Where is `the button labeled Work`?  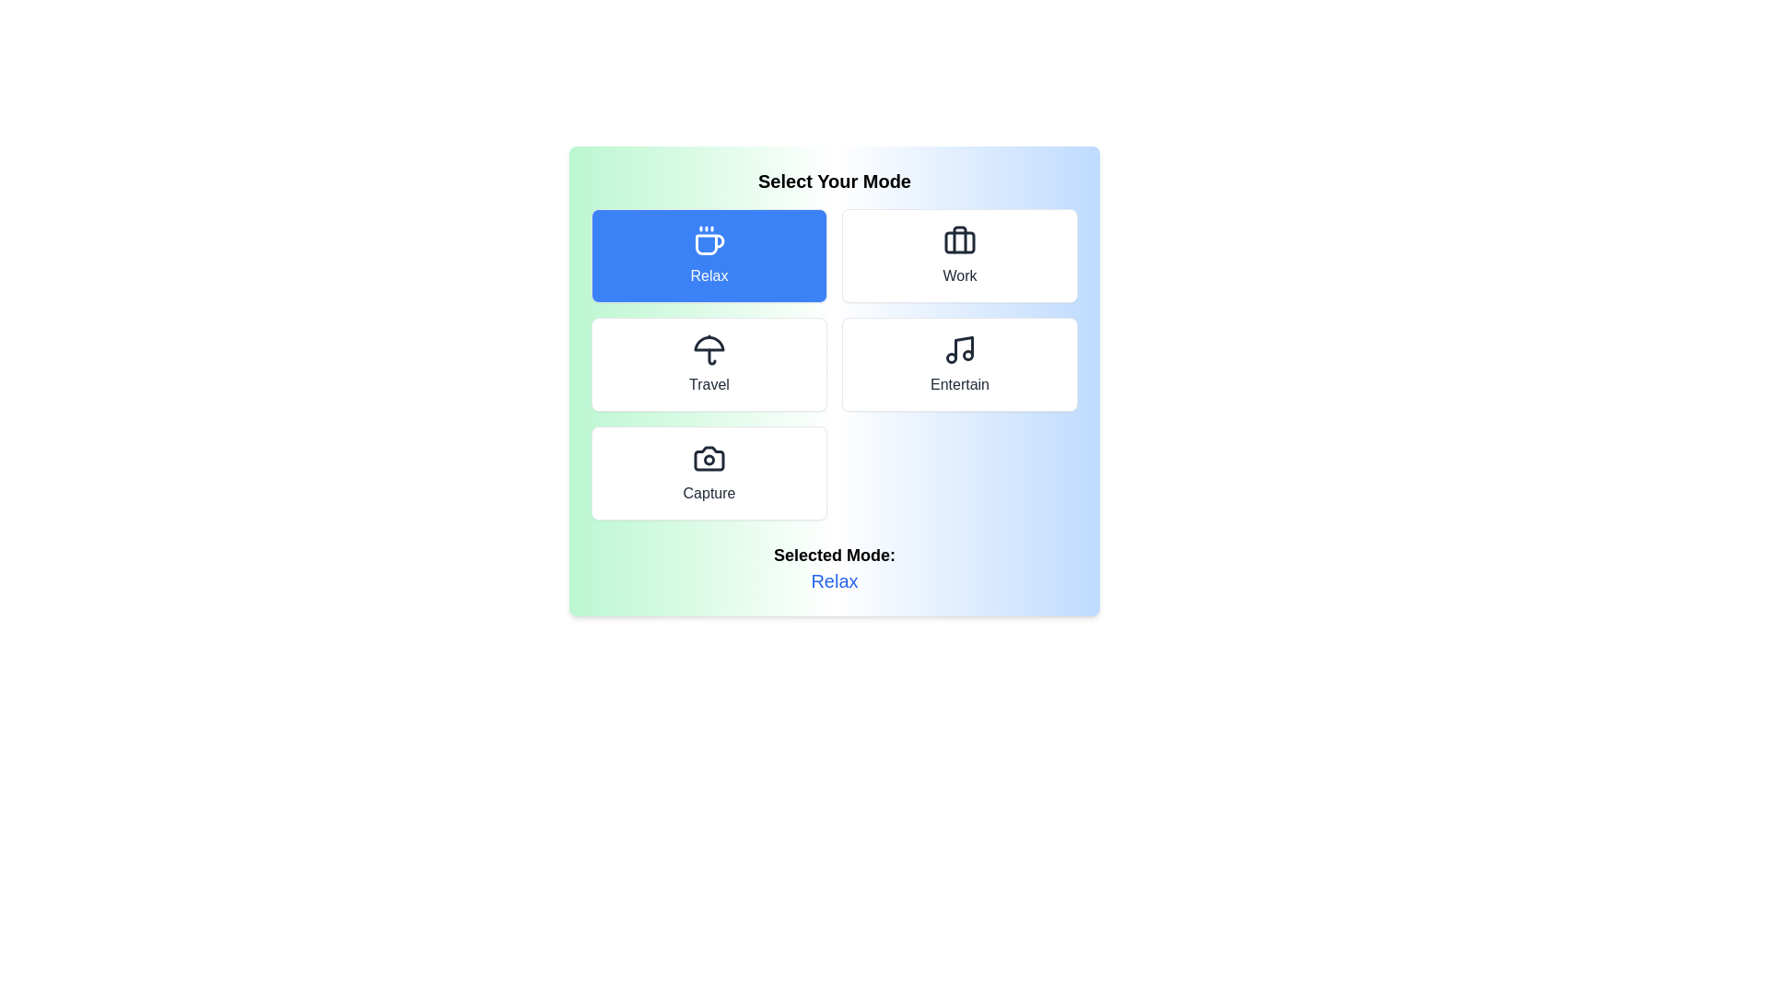 the button labeled Work is located at coordinates (958, 255).